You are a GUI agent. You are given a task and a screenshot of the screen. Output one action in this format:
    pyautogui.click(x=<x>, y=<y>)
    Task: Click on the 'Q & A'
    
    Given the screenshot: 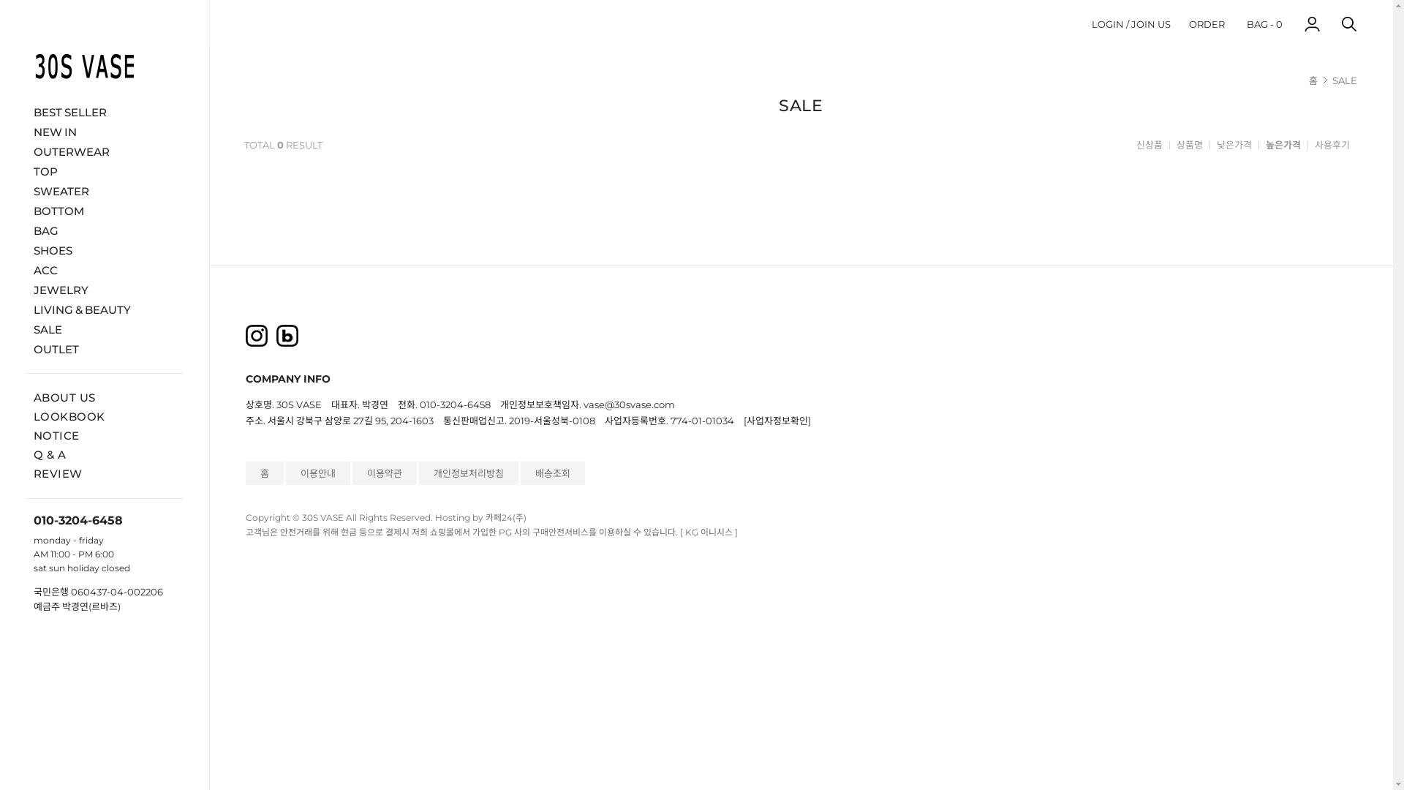 What is the action you would take?
    pyautogui.click(x=50, y=454)
    